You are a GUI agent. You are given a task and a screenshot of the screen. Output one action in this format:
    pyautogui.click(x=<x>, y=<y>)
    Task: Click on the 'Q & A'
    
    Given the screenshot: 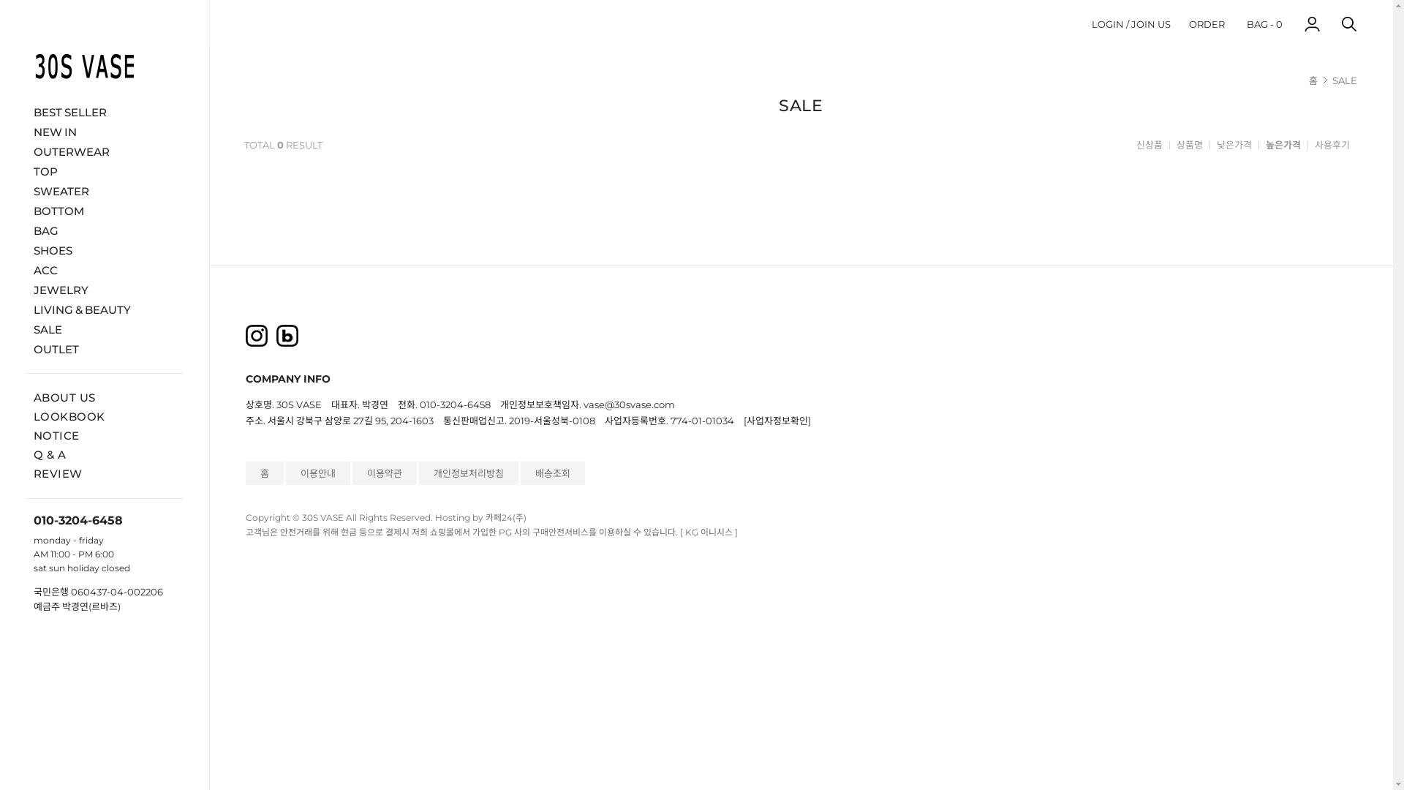 What is the action you would take?
    pyautogui.click(x=50, y=454)
    